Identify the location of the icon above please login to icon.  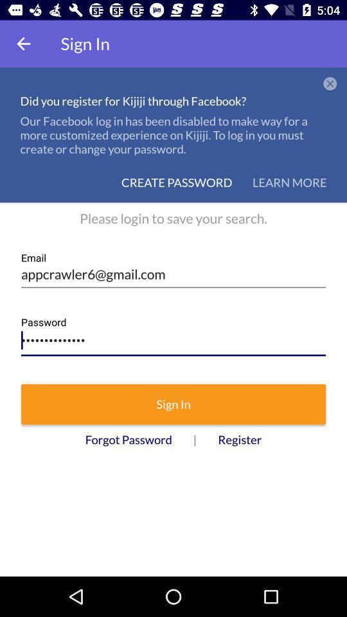
(289, 182).